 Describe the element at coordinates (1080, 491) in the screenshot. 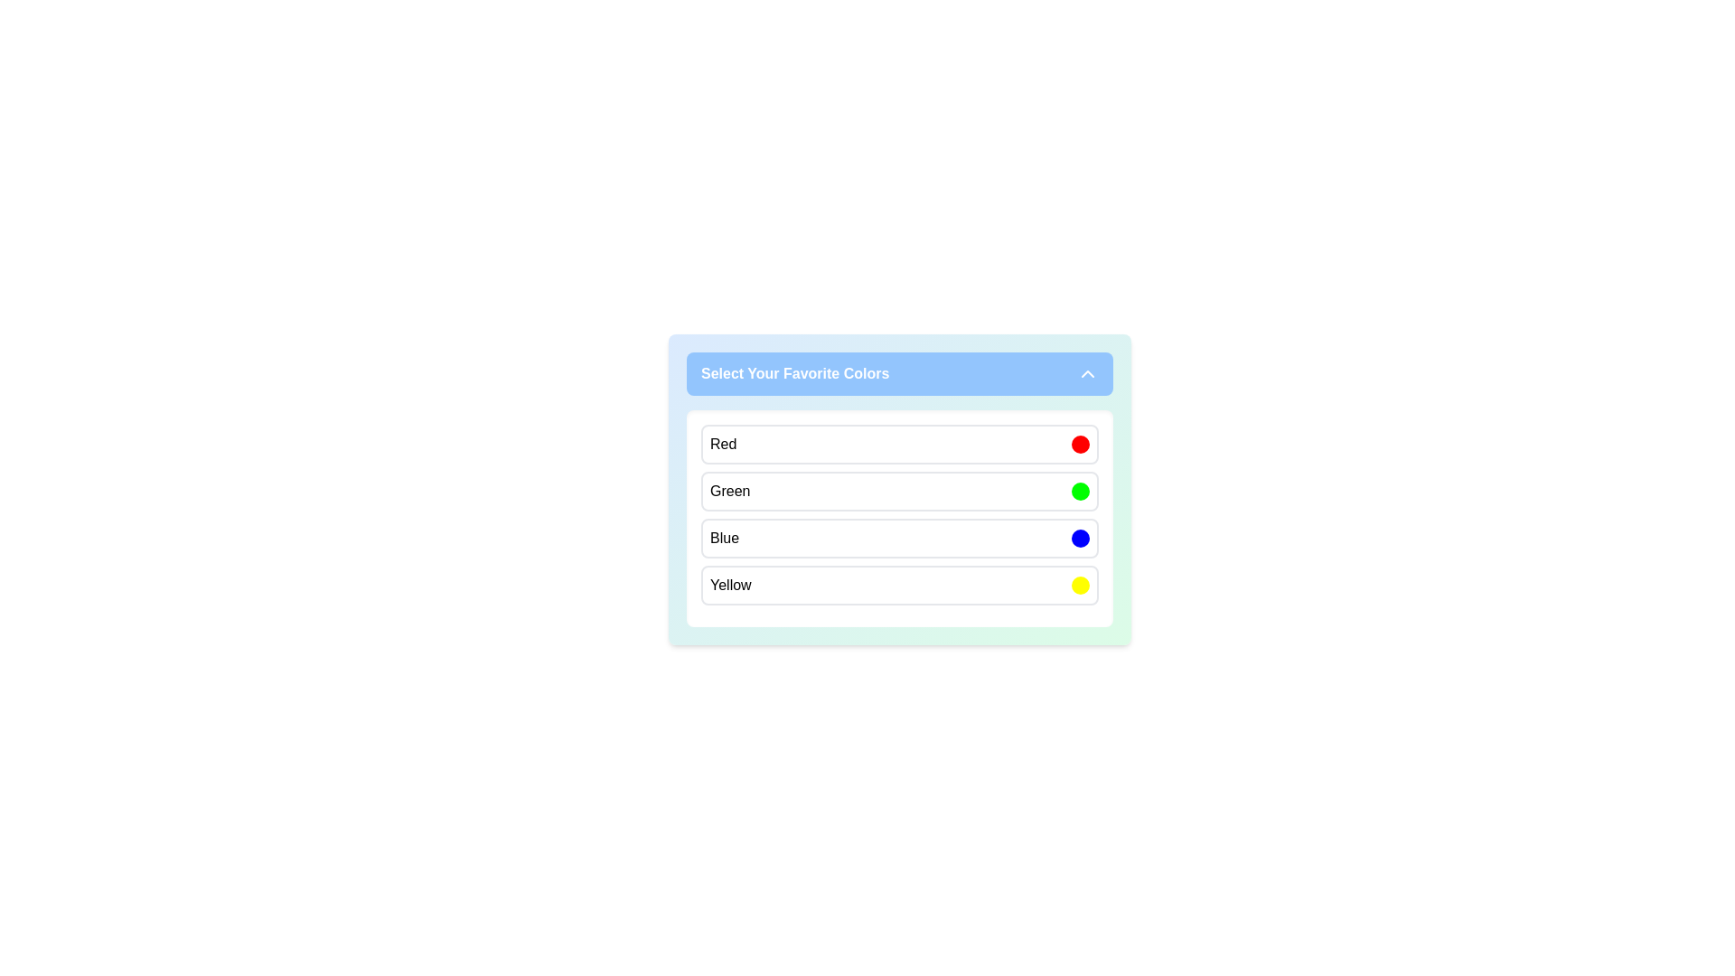

I see `the visual indicator that displays the color green associated with the label 'Green' in the vertically stacked list of color options` at that location.